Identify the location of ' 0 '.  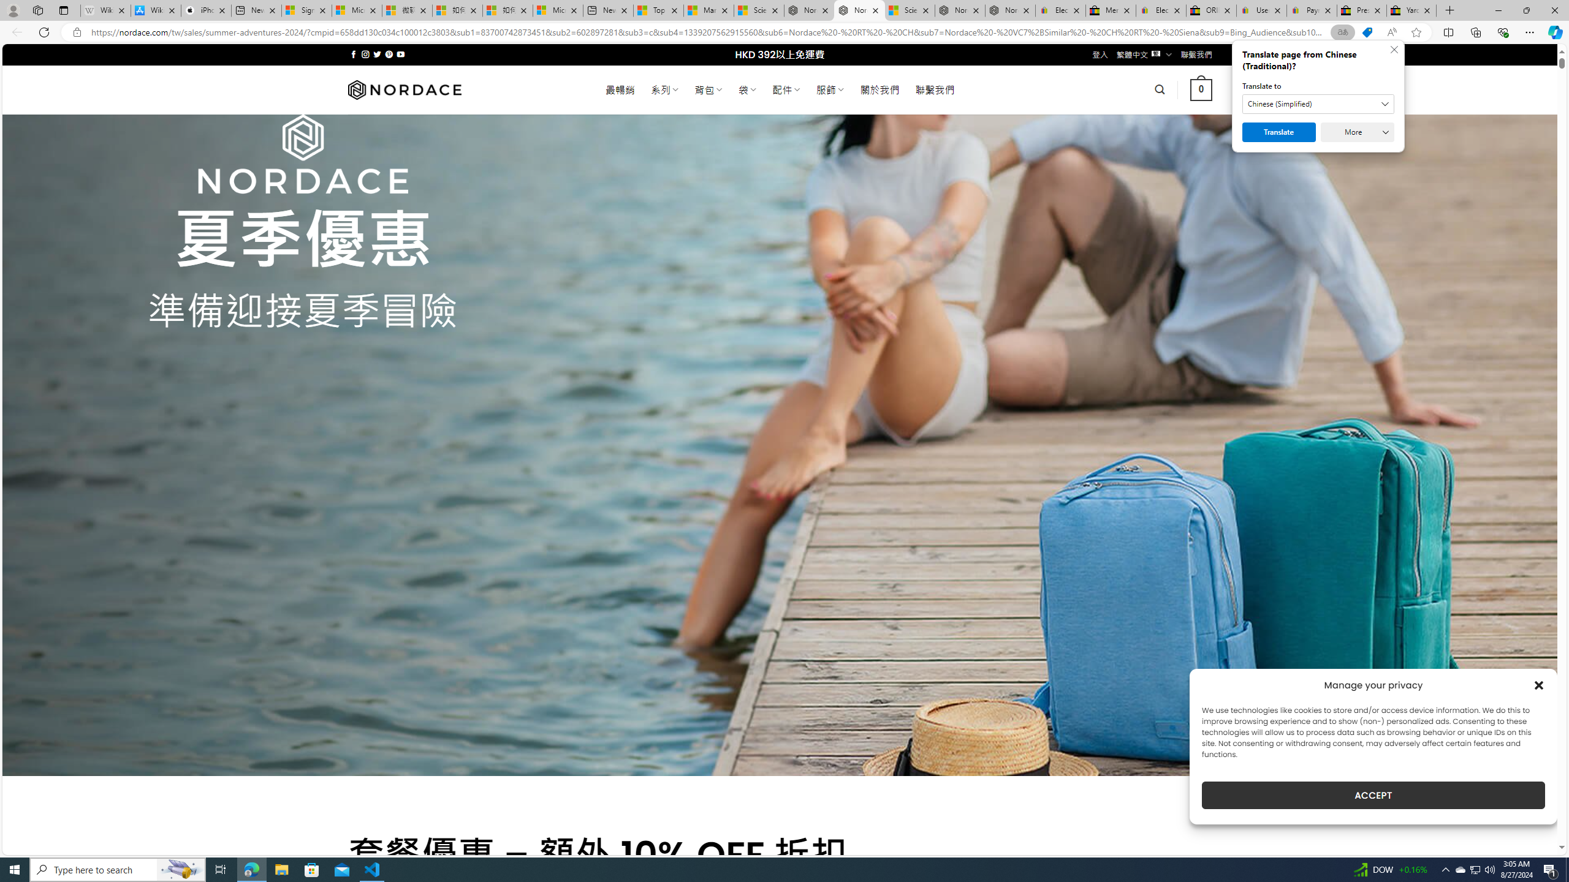
(1201, 89).